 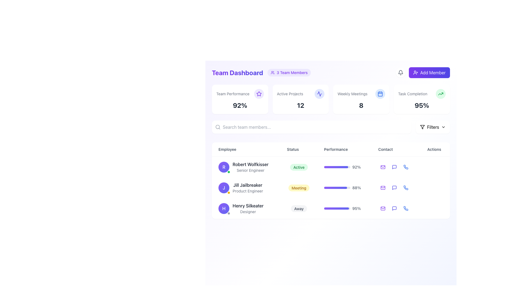 What do you see at coordinates (330, 149) in the screenshot?
I see `the header text labeled 'Performance', which is styled with a modern sans-serif font and positioned between the headers 'Status' and 'Contact'` at bounding box center [330, 149].